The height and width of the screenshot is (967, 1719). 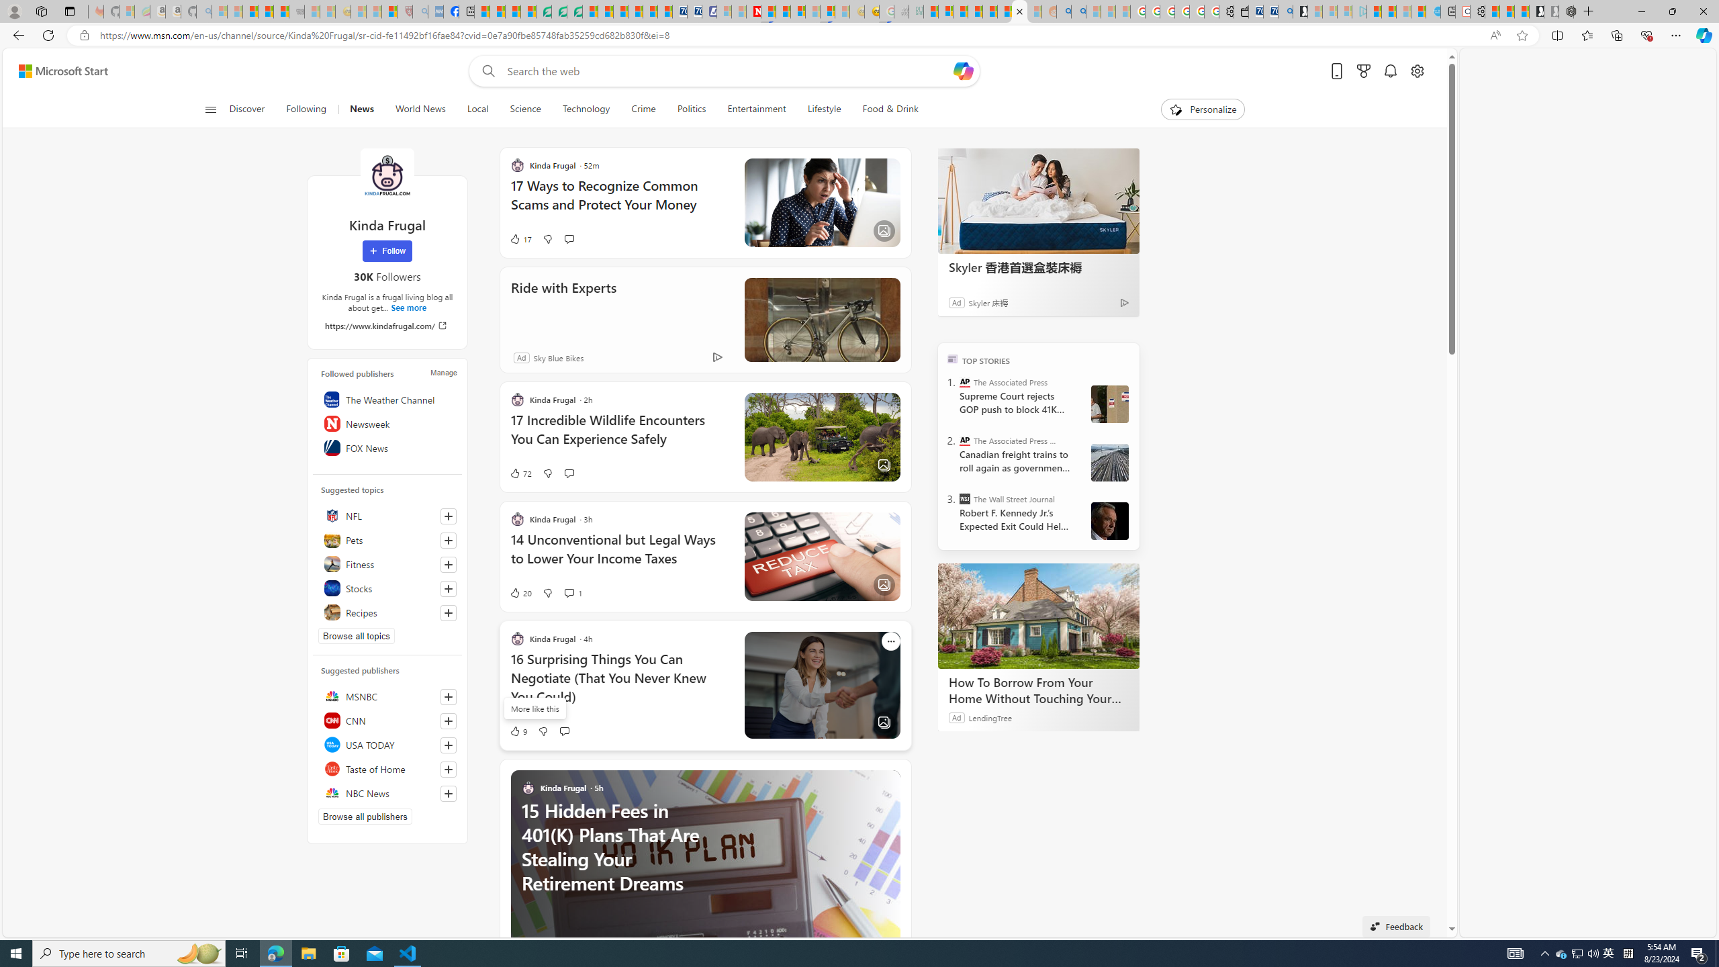 I want to click on 'Dislike', so click(x=542, y=731).